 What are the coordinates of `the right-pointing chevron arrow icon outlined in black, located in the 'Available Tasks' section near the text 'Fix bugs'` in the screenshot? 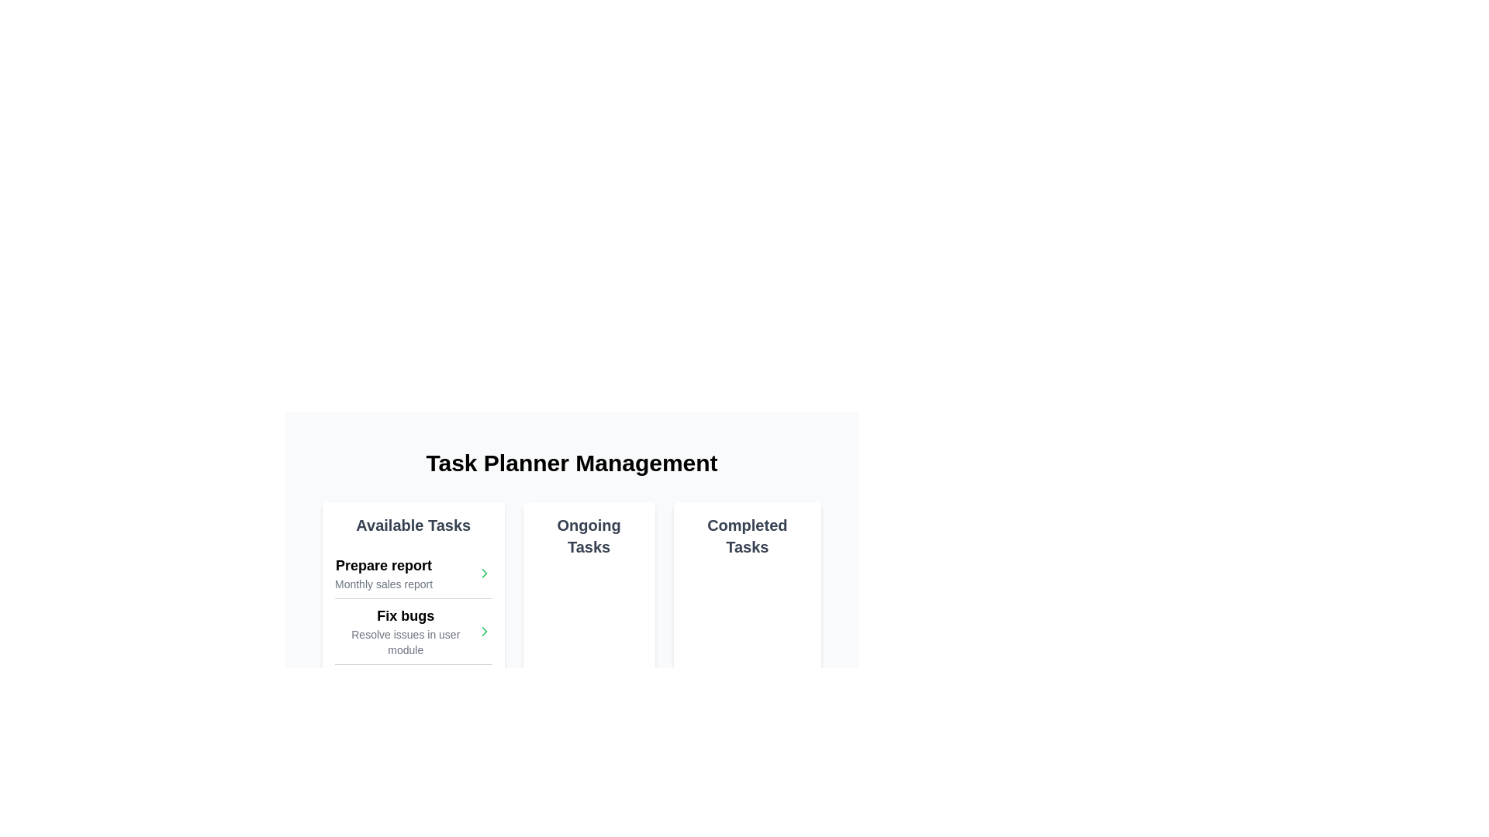 It's located at (483, 573).